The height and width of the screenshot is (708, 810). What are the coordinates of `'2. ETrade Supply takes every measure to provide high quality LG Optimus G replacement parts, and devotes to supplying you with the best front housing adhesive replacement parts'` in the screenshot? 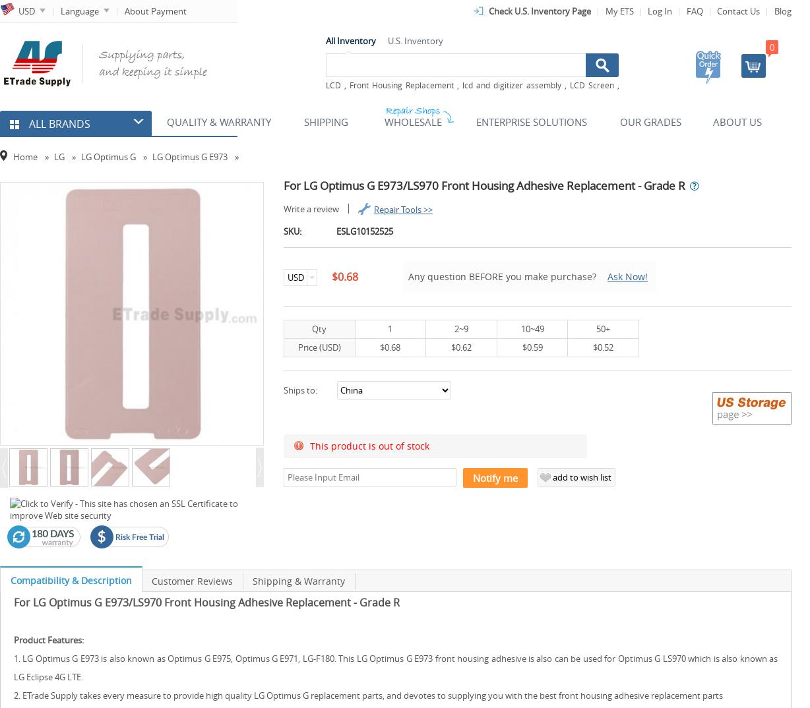 It's located at (367, 695).